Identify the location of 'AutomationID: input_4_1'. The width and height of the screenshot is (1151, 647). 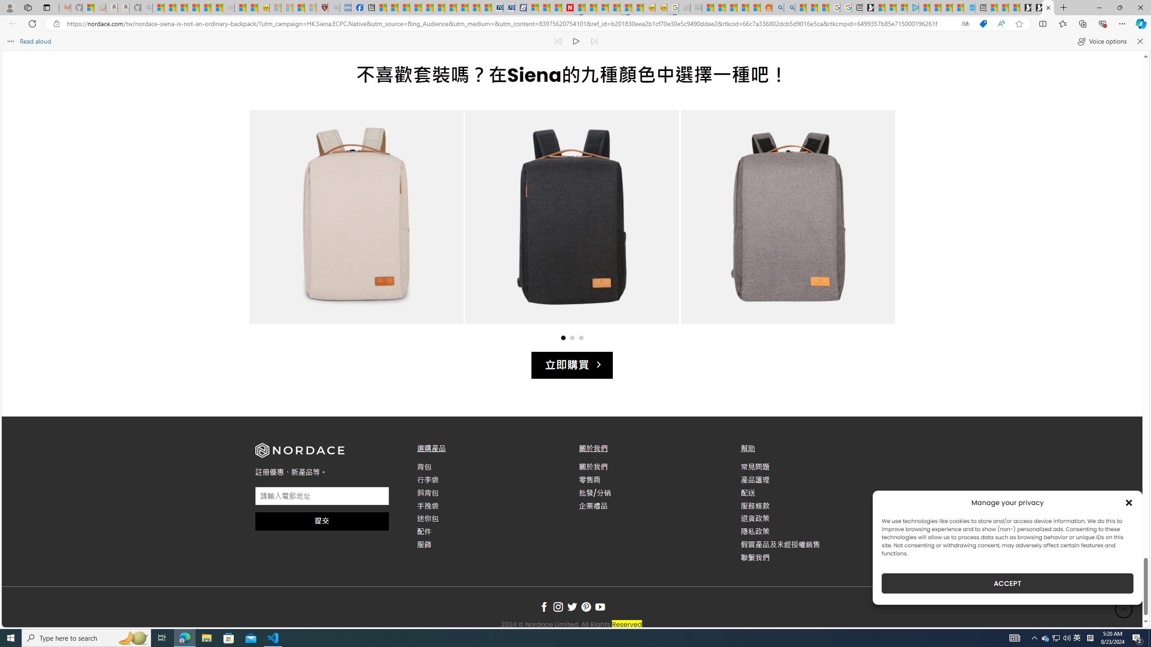
(321, 496).